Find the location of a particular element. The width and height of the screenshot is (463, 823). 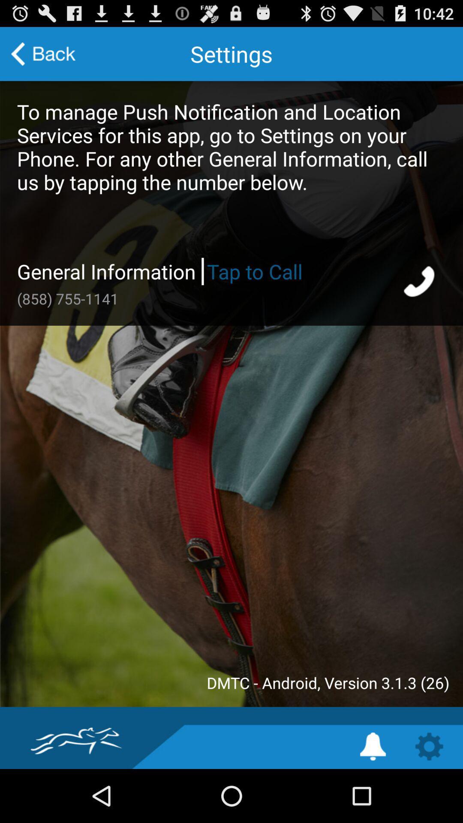

the setting is located at coordinates (373, 746).